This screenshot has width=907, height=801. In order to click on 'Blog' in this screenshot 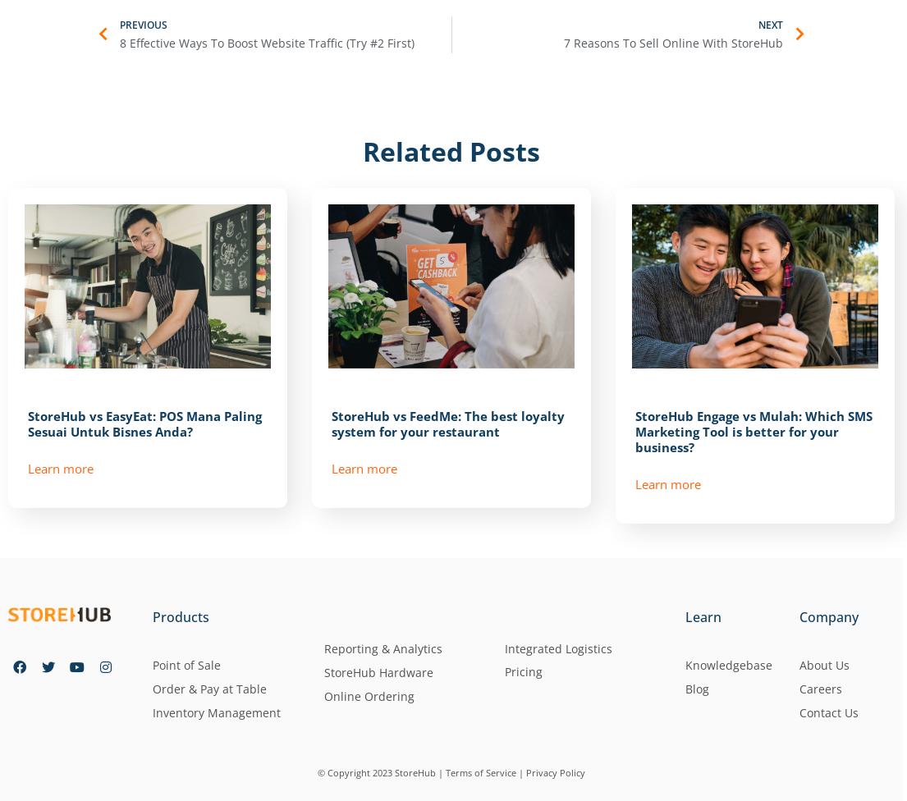, I will do `click(697, 688)`.